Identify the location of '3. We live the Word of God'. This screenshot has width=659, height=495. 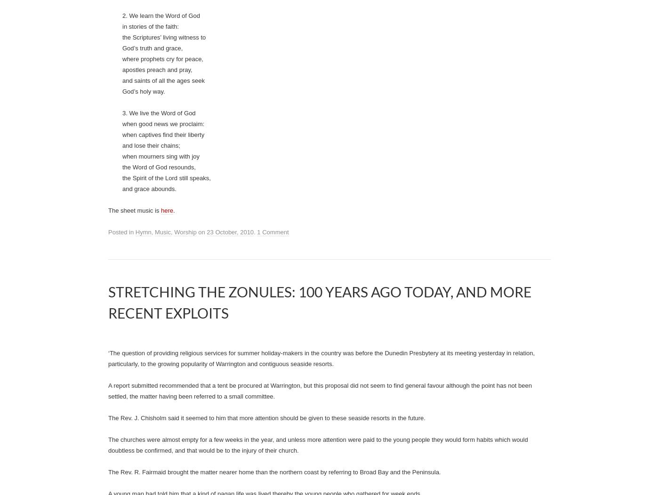
(122, 474).